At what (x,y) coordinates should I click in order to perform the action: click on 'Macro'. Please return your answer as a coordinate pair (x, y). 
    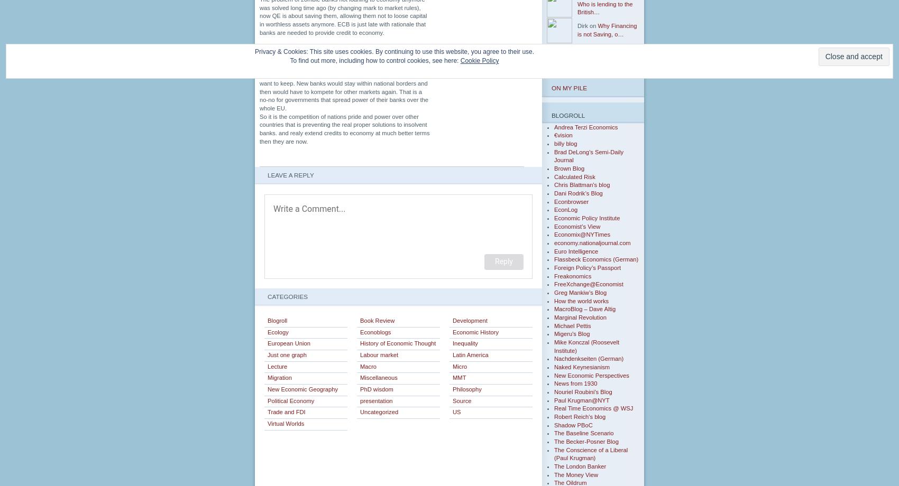
    Looking at the image, I should click on (368, 366).